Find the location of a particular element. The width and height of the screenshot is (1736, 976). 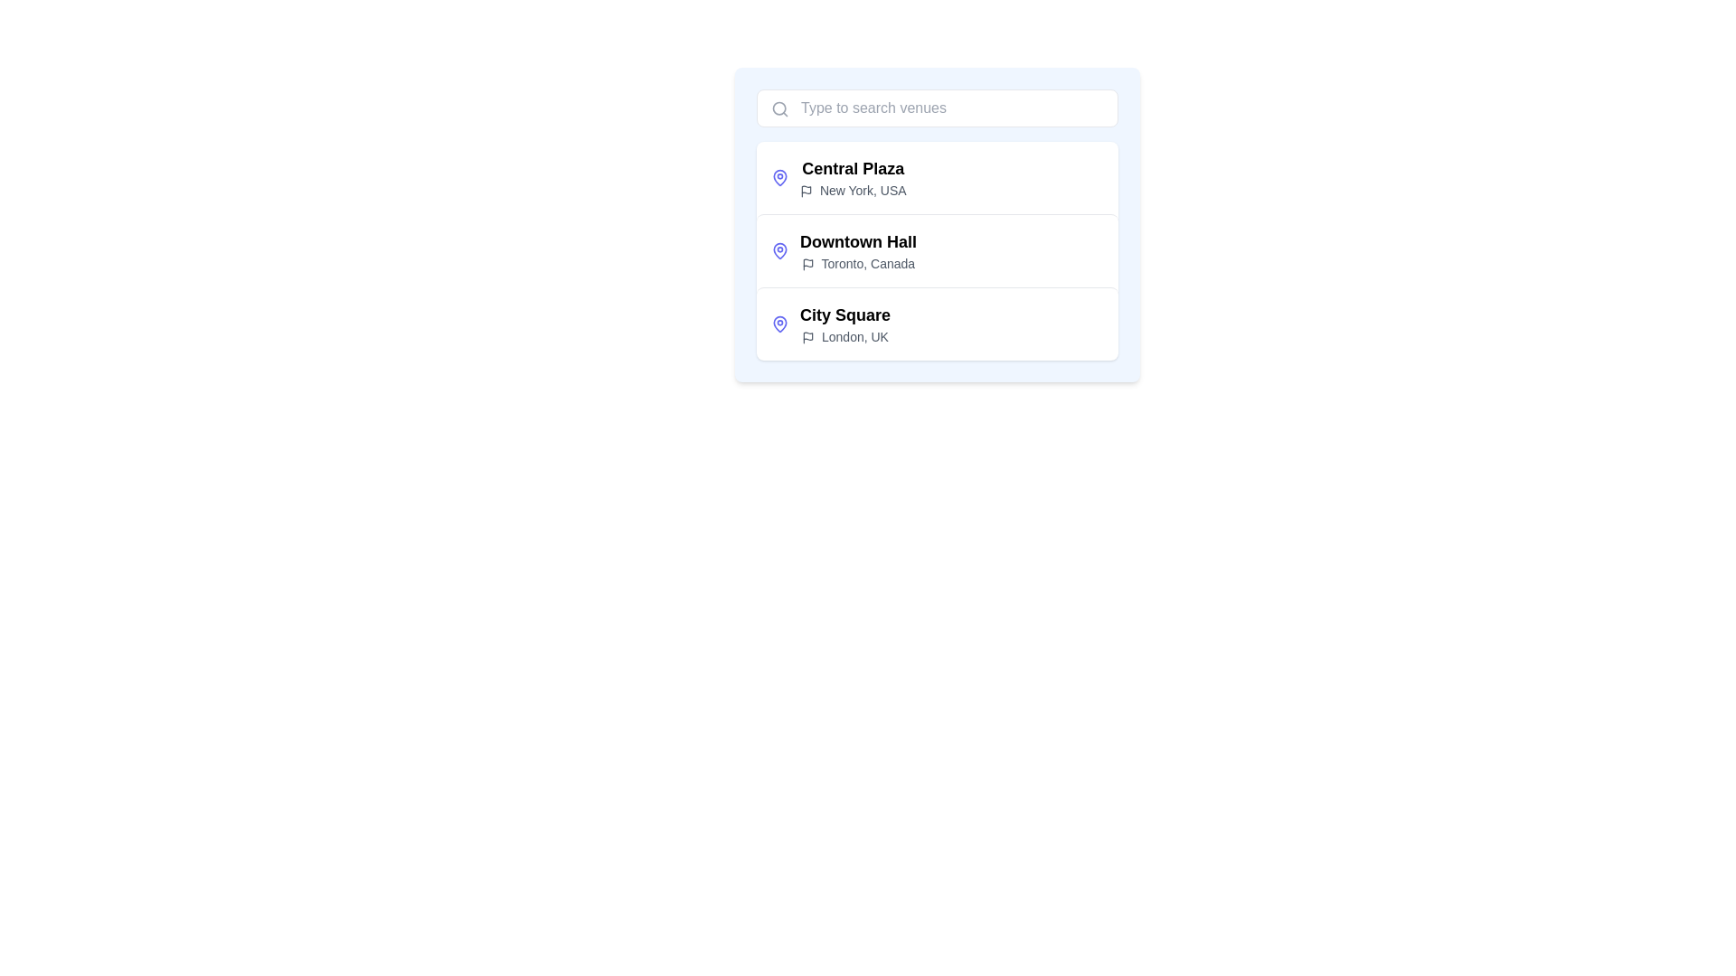

the appearance of the search icon located at the top-left corner inside the search input field is located at coordinates (780, 108).